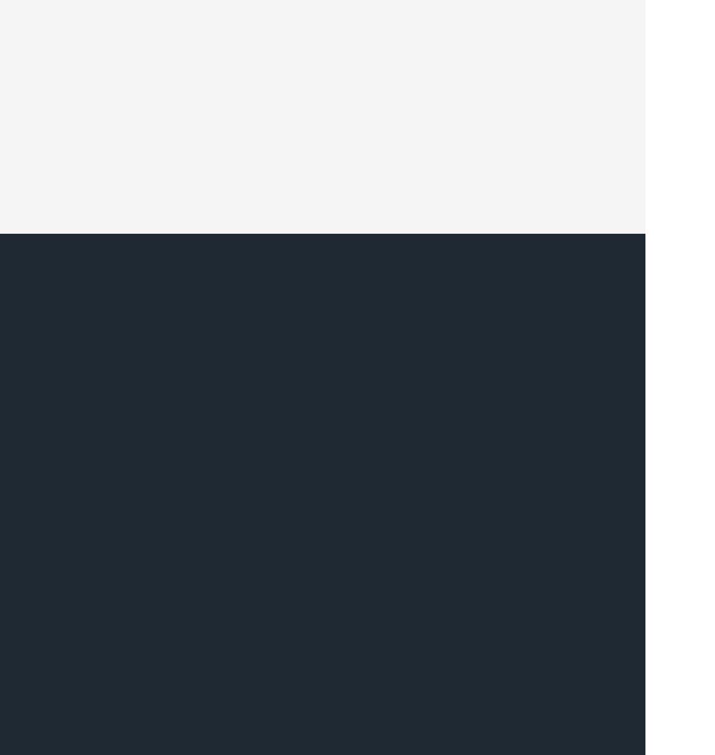  Describe the element at coordinates (43, 290) in the screenshot. I see `'Tech News'` at that location.